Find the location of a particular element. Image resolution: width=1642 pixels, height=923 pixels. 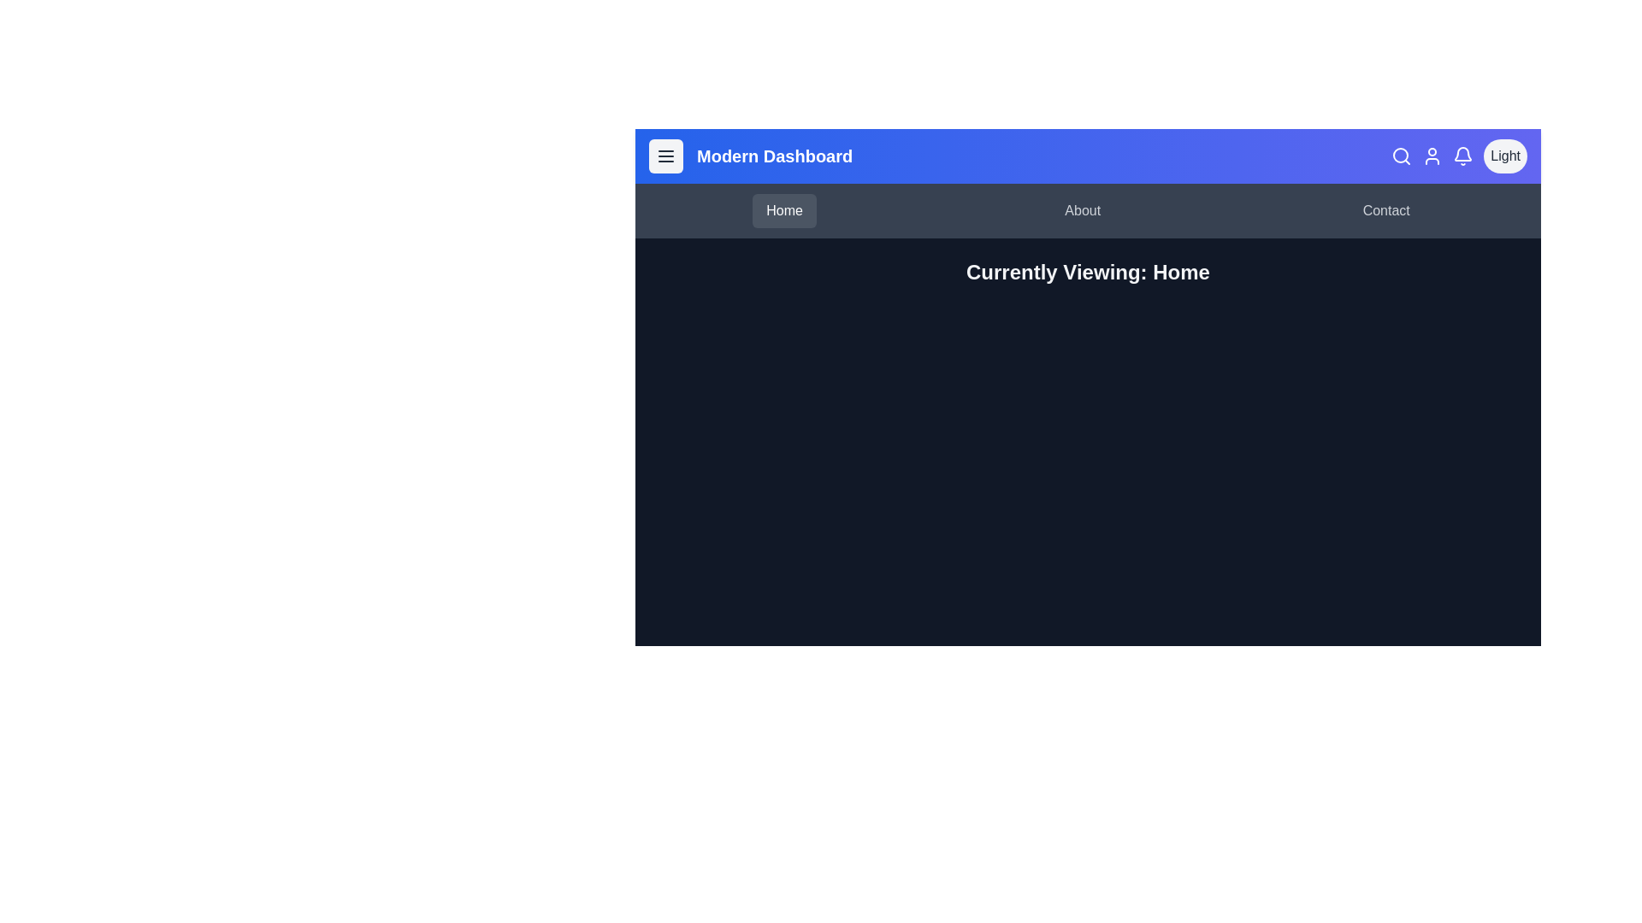

bell icon to view notifications is located at coordinates (1462, 156).